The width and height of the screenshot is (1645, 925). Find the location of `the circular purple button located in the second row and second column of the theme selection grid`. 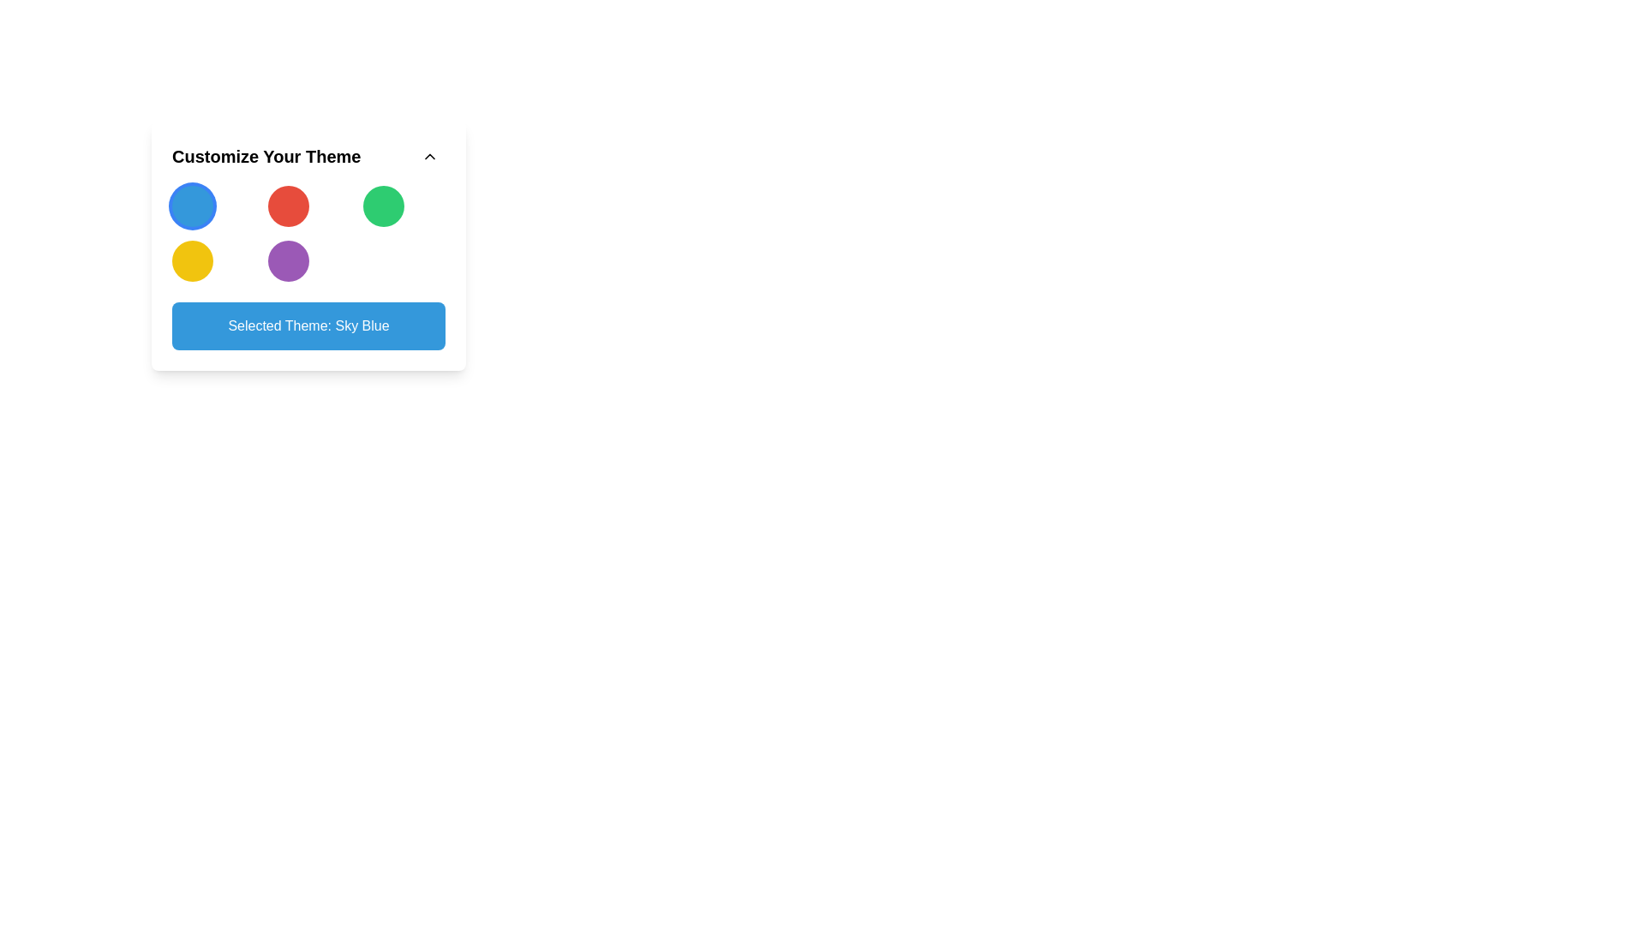

the circular purple button located in the second row and second column of the theme selection grid is located at coordinates (288, 260).